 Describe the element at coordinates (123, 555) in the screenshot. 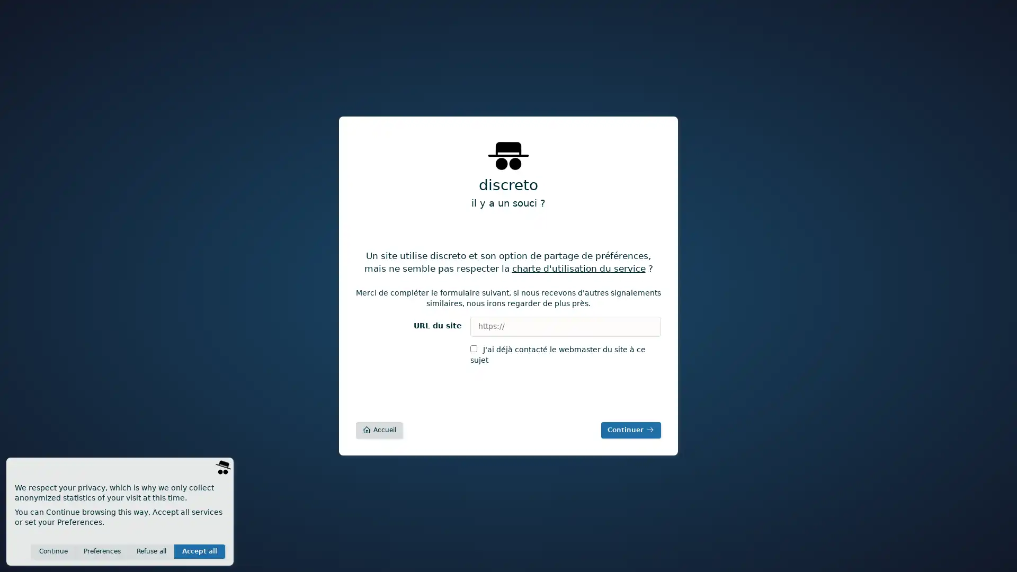

I see `Anonymous` at that location.